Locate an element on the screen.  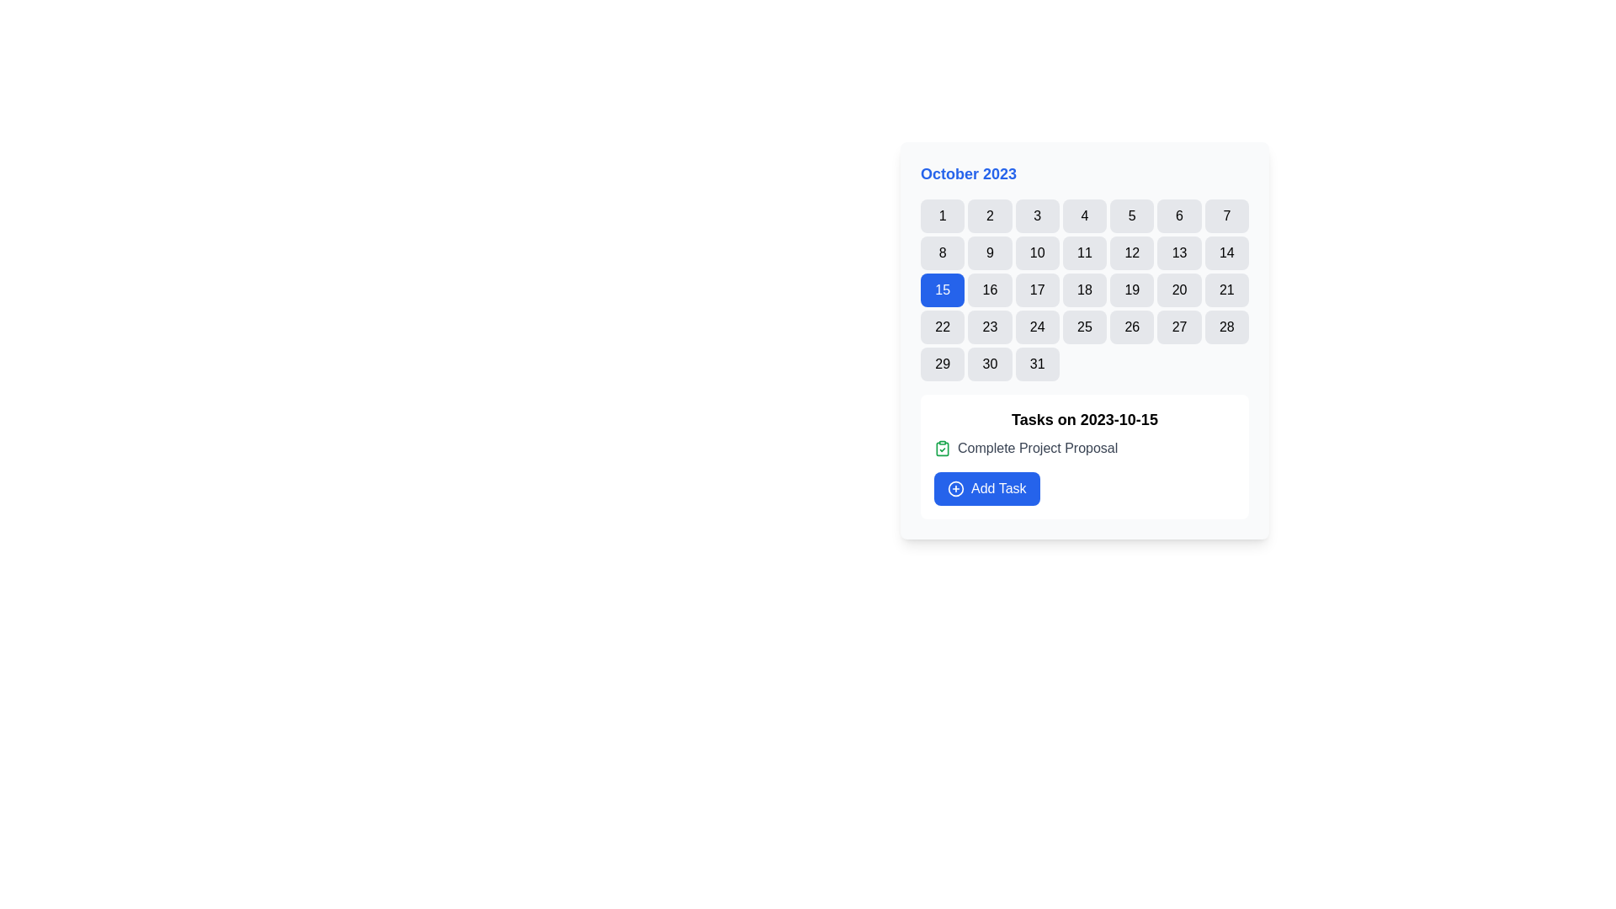
the selectable day button in the calendar interface, which is positioned in the second position of the first row, immediately to the right of the button labeled '1' is located at coordinates (990, 215).